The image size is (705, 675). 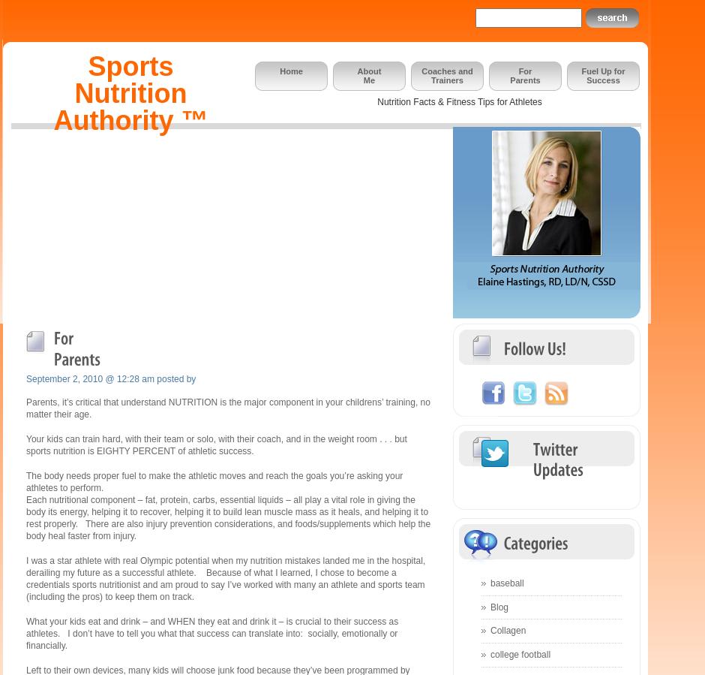 What do you see at coordinates (224, 577) in the screenshot?
I see `'I was a star athlete with real Olympic potential when my nutrition mistakes landed me in the hospital, derailing my future as a successful athlete.    Because of what I learned, I chose to become a credentials sports nutritionist and am proud to say I’ve worked with many an athlete and sports team (including the pros) to keep them on track.'` at bounding box center [224, 577].